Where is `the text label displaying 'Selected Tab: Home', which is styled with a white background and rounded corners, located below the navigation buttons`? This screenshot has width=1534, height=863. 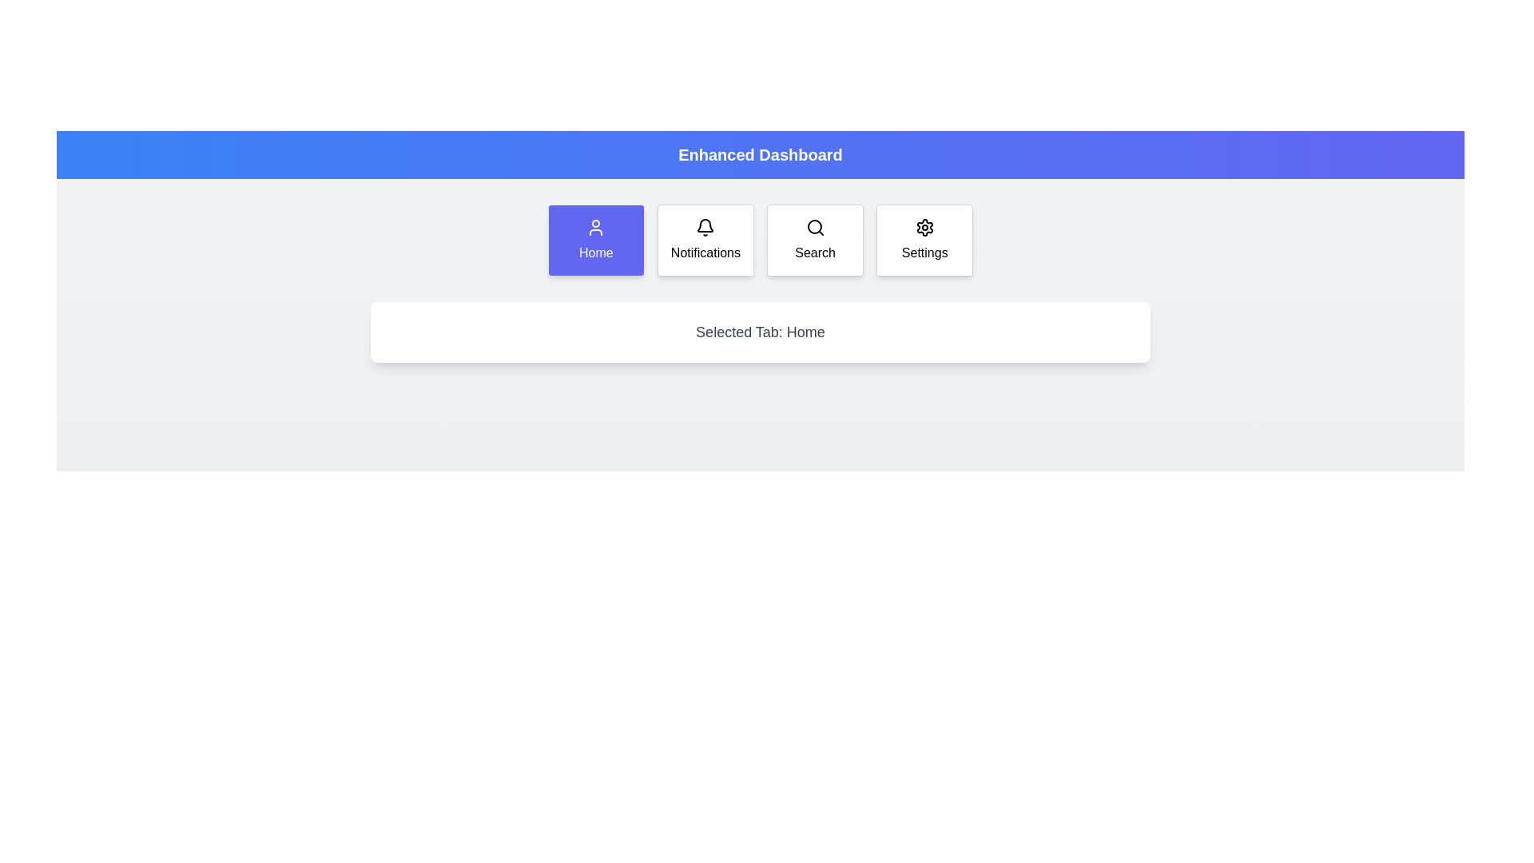 the text label displaying 'Selected Tab: Home', which is styled with a white background and rounded corners, located below the navigation buttons is located at coordinates (759, 332).